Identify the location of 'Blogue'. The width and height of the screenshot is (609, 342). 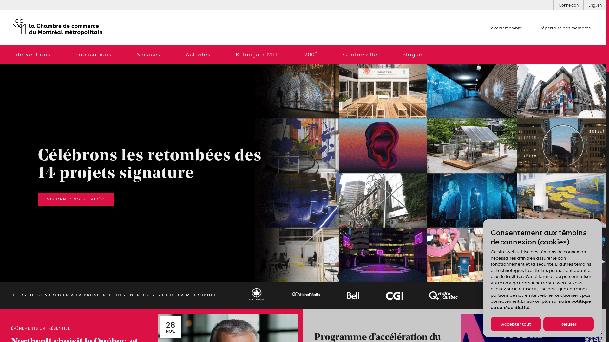
(389, 54).